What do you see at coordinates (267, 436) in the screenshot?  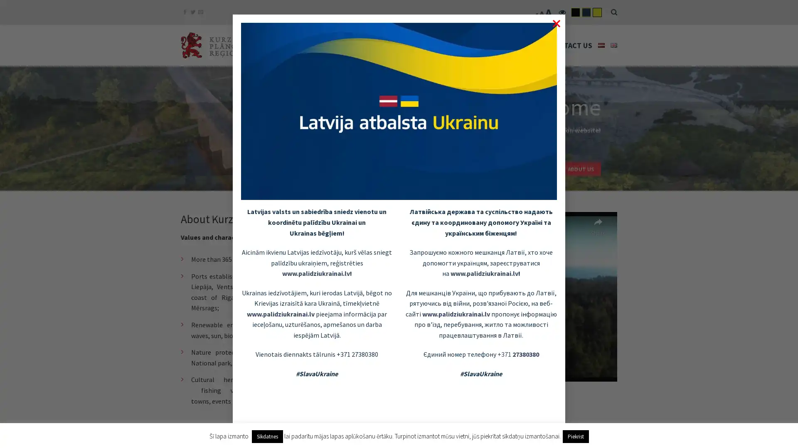 I see `Sikdatnes` at bounding box center [267, 436].